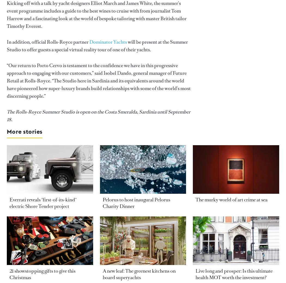 This screenshot has height=283, width=286. I want to click on 'In addition, official Rolls-Royce partner', so click(48, 41).